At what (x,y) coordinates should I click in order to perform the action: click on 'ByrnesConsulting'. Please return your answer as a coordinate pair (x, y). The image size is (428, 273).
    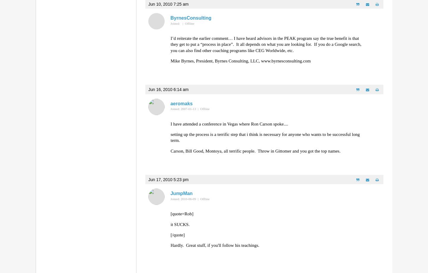
    Looking at the image, I should click on (190, 18).